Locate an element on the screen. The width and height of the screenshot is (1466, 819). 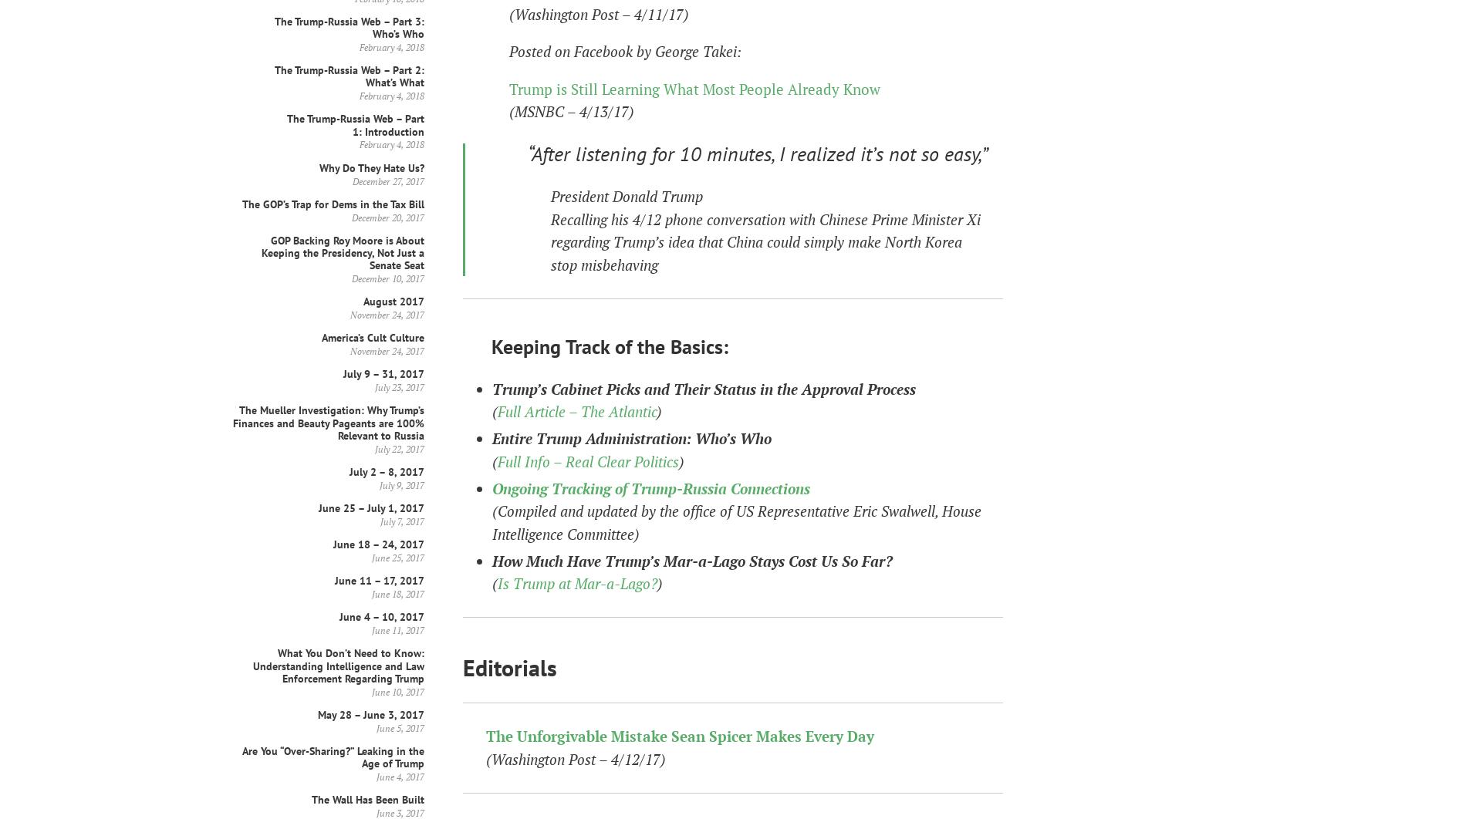
'Editorials' is located at coordinates (510, 666).